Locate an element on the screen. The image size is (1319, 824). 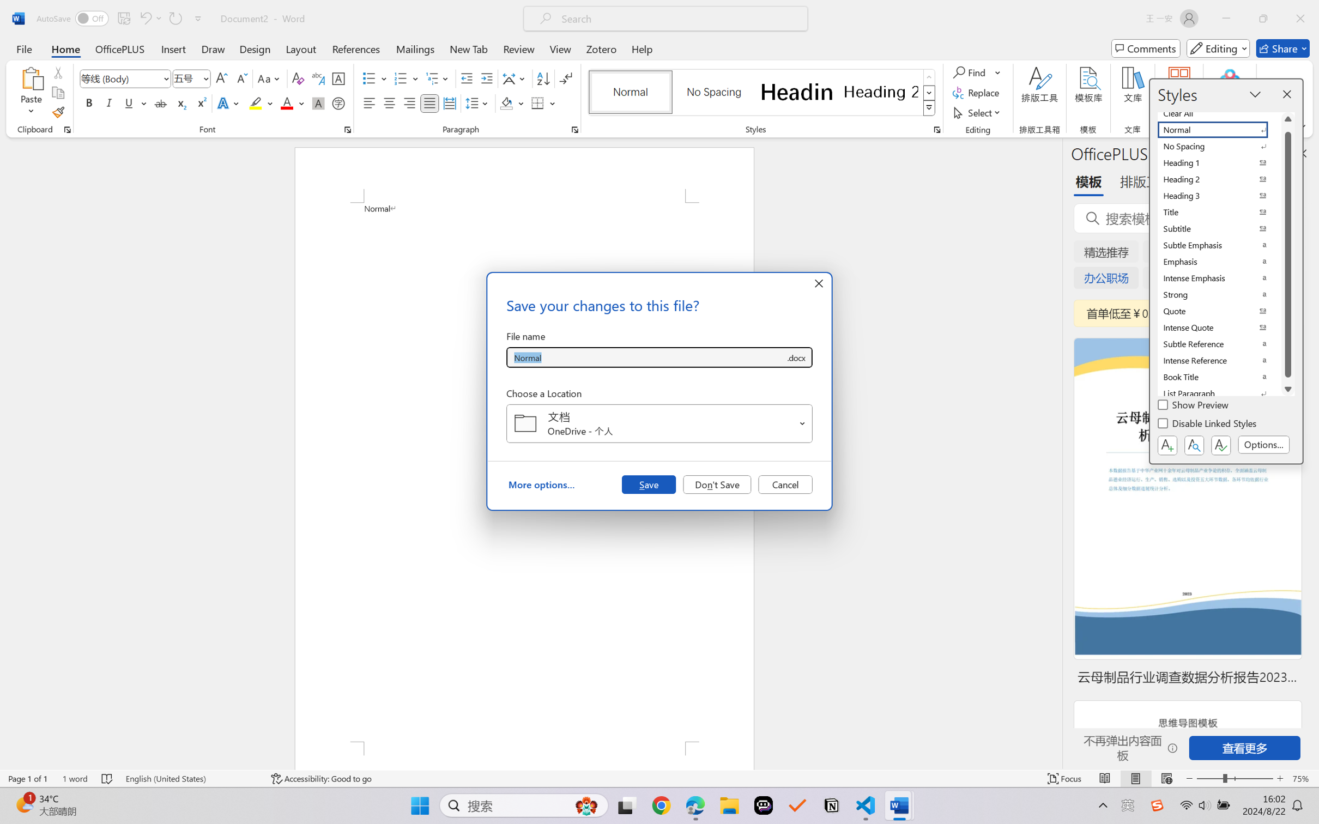
'AutoSave' is located at coordinates (72, 18).